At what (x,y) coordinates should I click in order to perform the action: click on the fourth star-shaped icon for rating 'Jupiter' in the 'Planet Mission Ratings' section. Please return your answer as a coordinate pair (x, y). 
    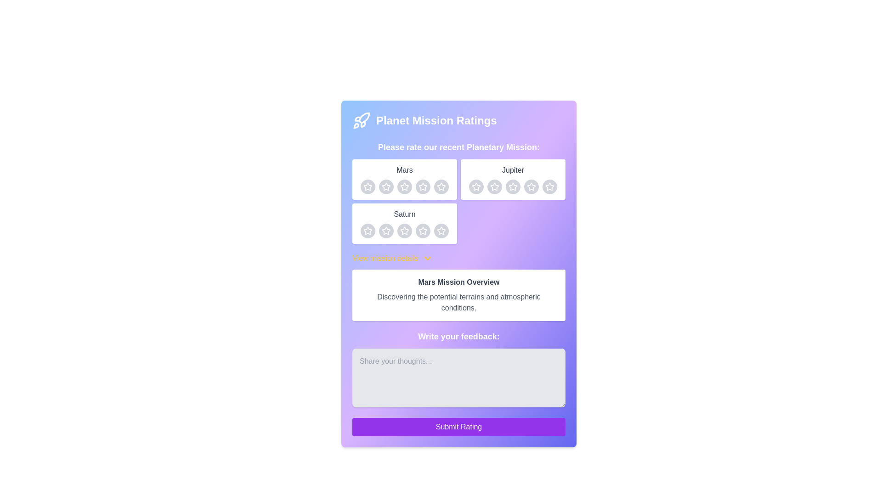
    Looking at the image, I should click on (531, 186).